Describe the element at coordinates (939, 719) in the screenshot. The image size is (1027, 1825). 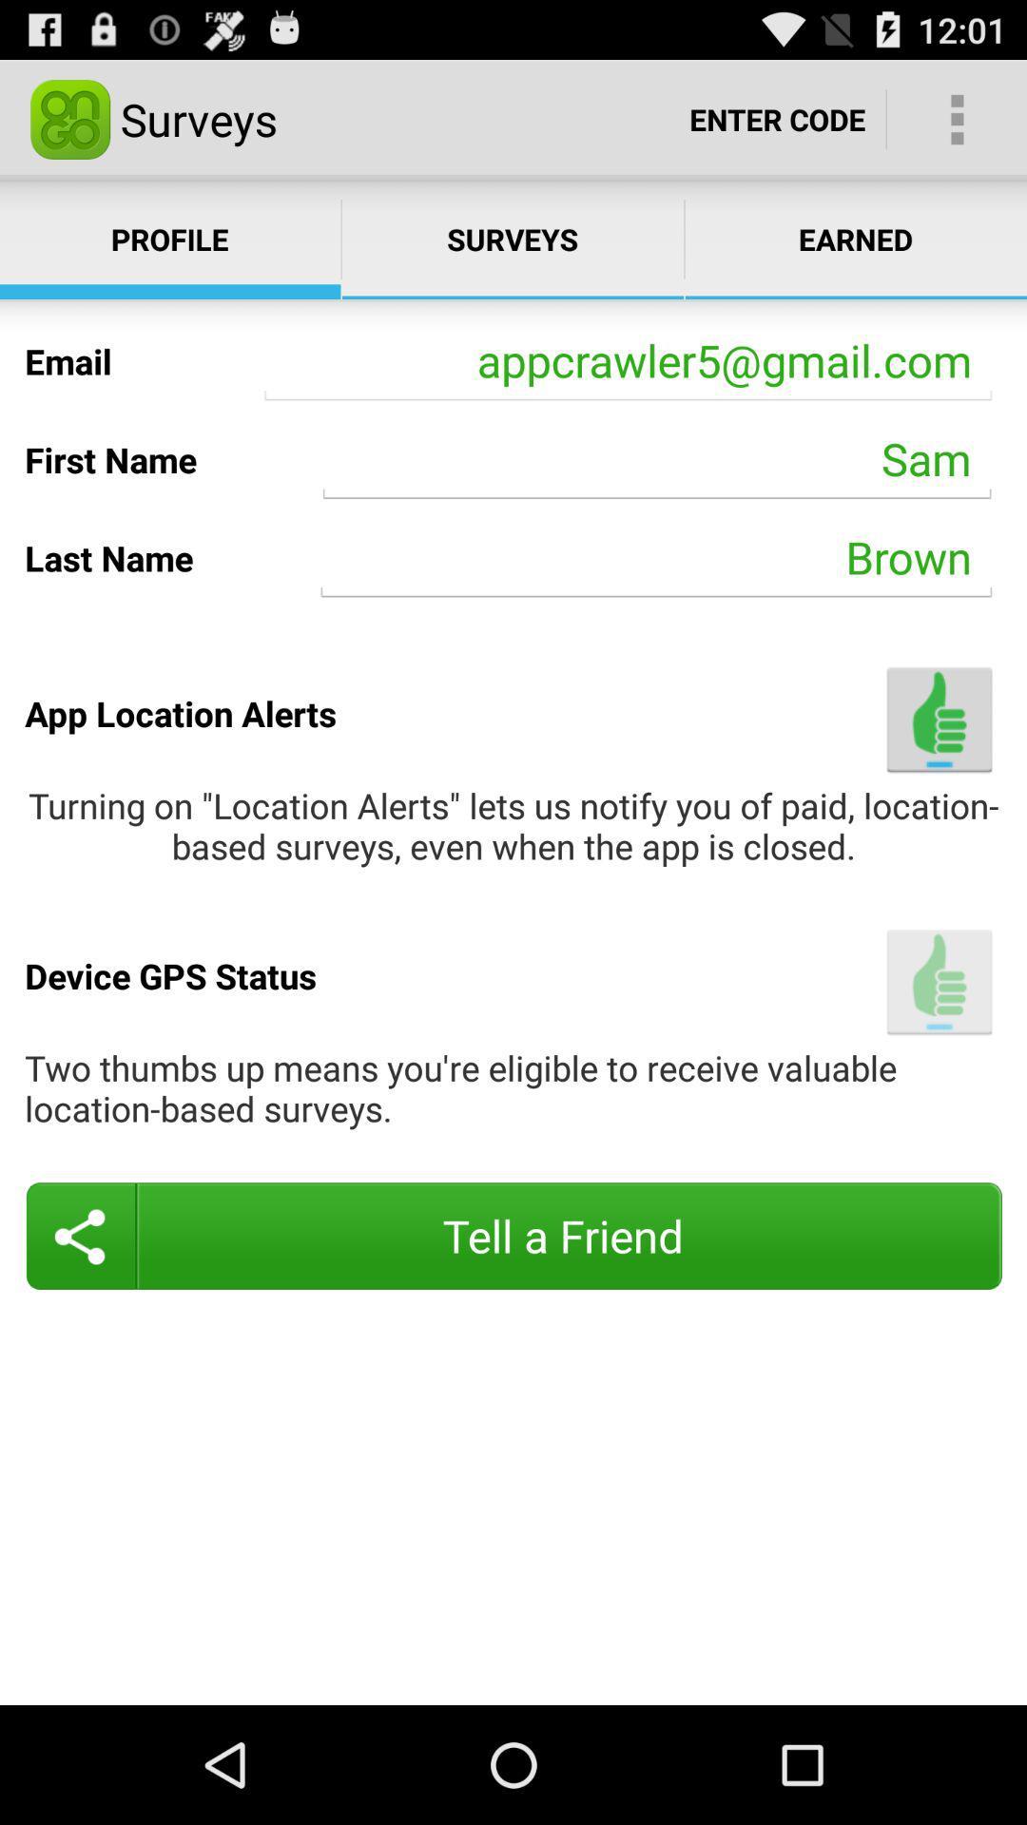
I see `turn on location alerts` at that location.